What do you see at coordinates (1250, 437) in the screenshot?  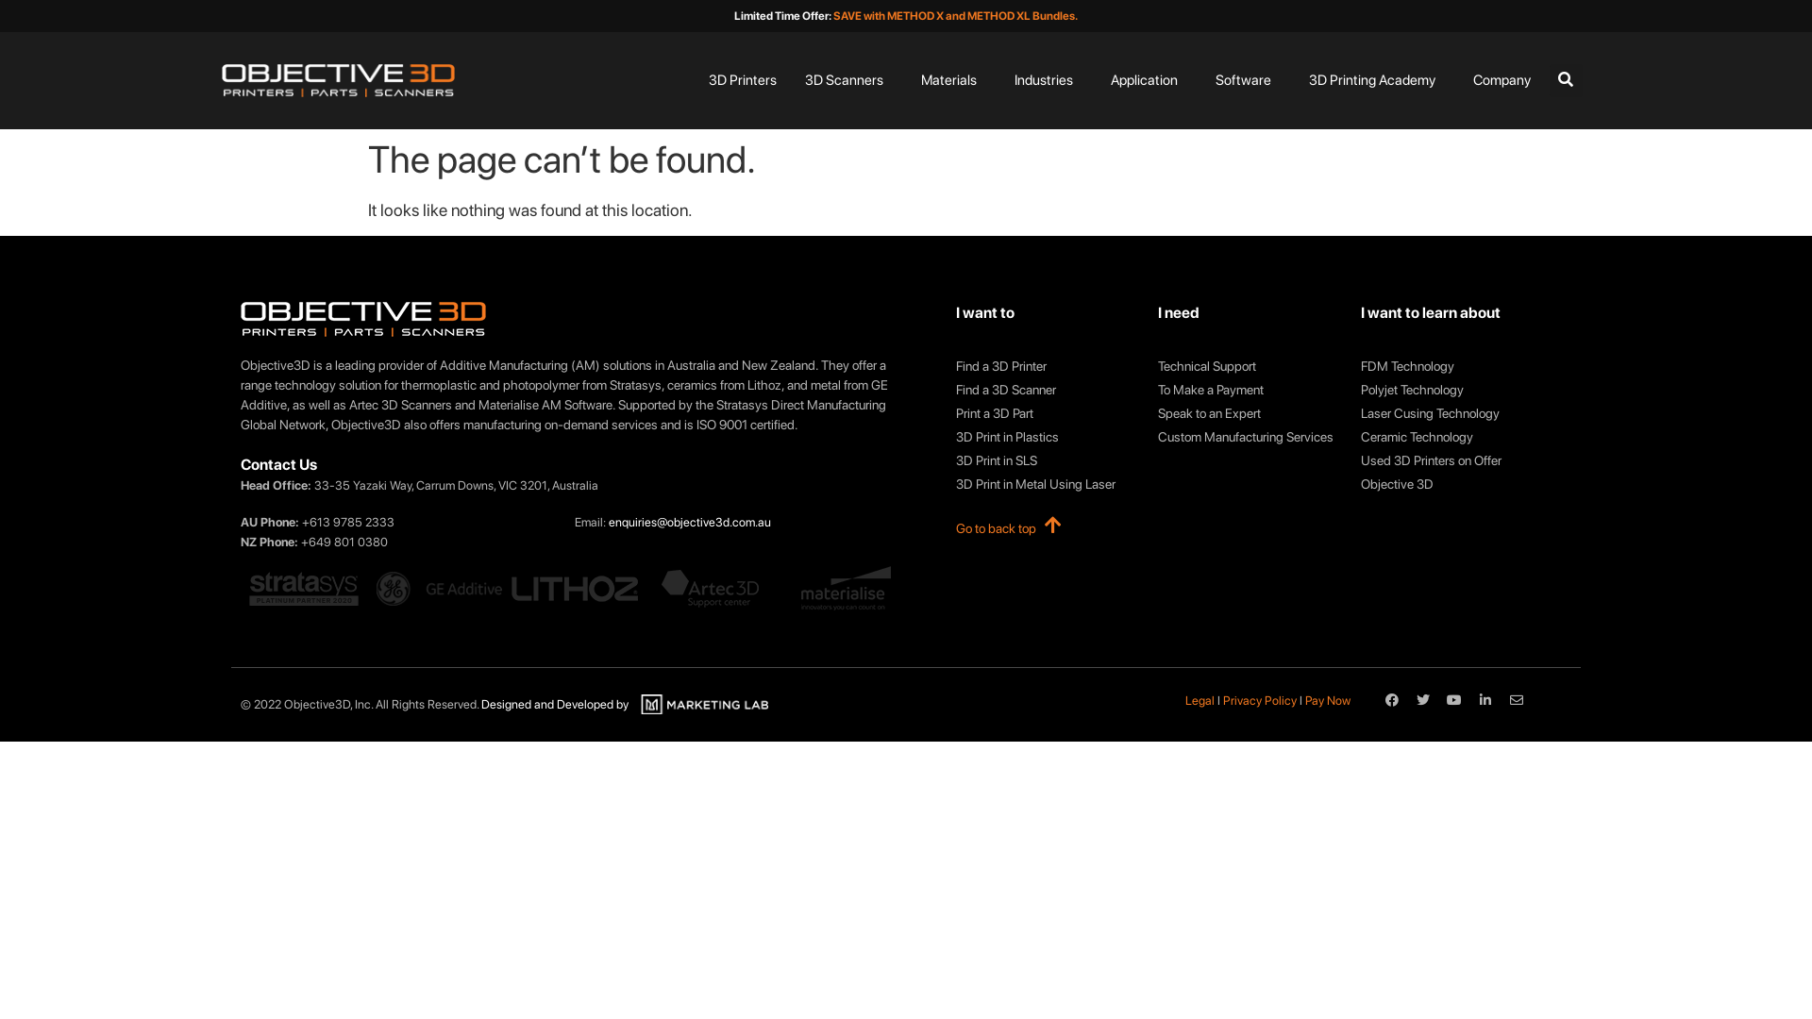 I see `'Custom Manufacturing Services'` at bounding box center [1250, 437].